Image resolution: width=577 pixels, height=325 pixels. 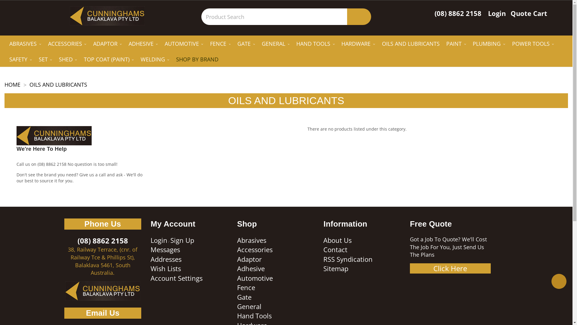 What do you see at coordinates (159, 240) in the screenshot?
I see `'Login'` at bounding box center [159, 240].